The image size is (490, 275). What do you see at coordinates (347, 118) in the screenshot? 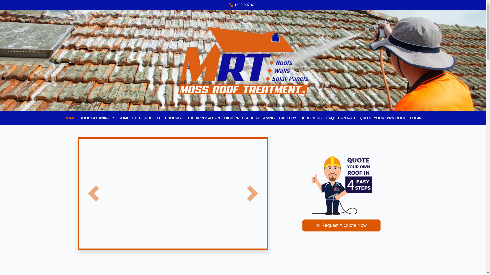
I see `'CONTACT'` at bounding box center [347, 118].